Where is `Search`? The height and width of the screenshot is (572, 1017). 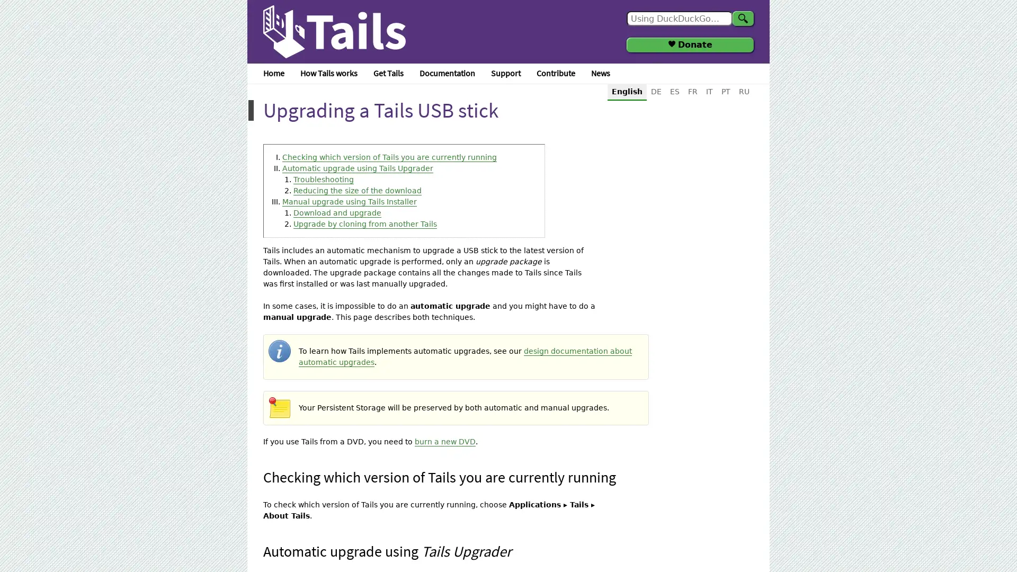
Search is located at coordinates (742, 18).